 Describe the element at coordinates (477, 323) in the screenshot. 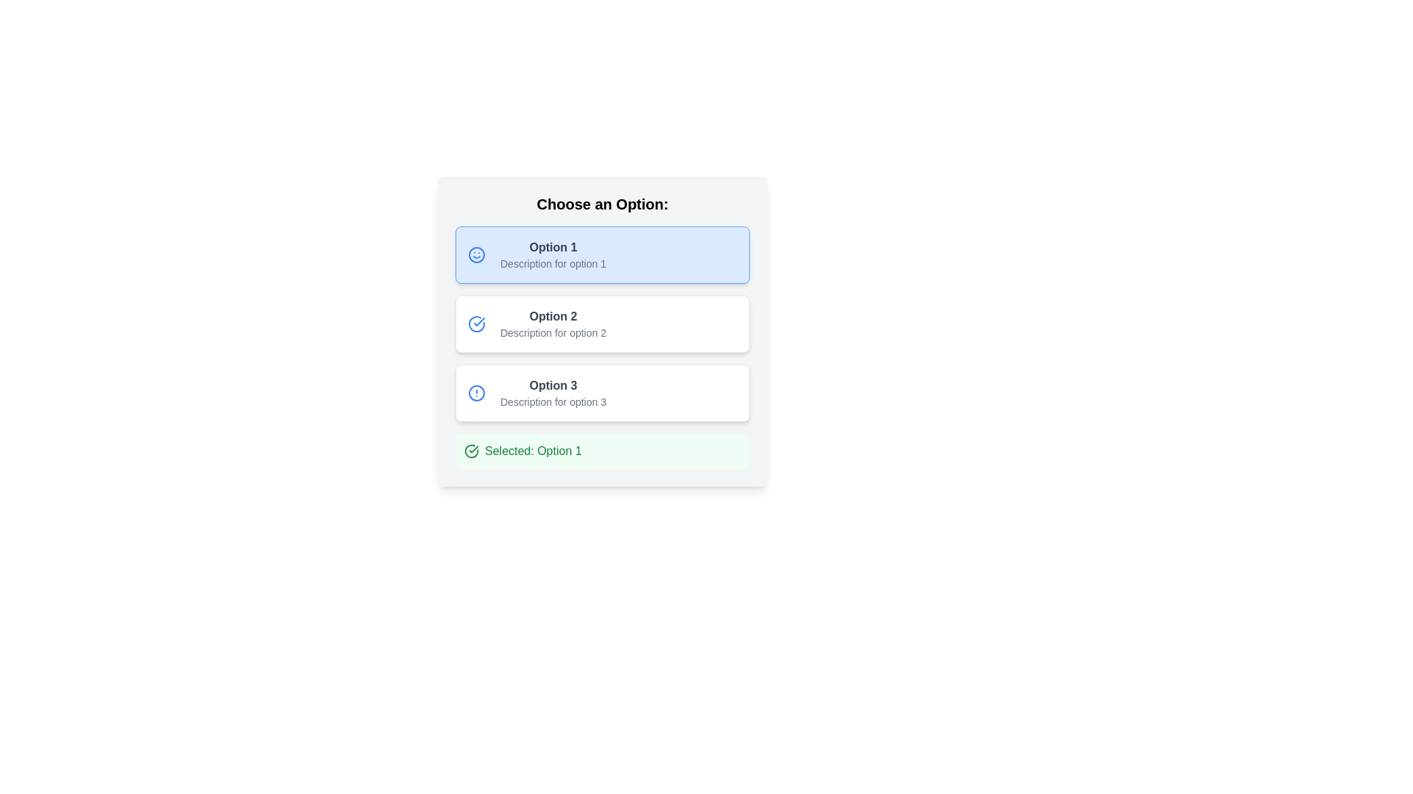

I see `the blue circle icon with a check mark, which is located to the left of the text labeled 'Option 2' in the option row` at that location.